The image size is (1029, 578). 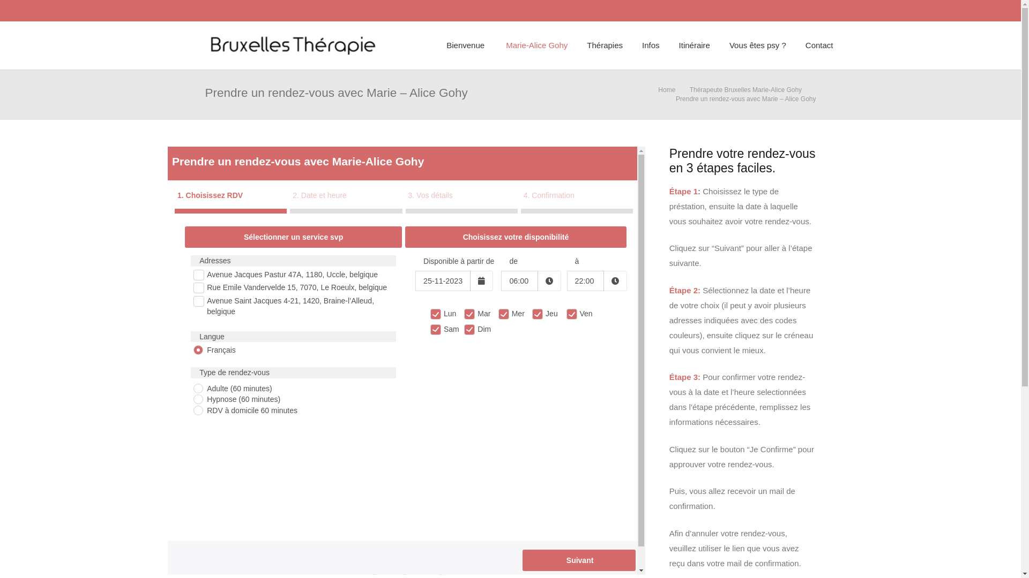 I want to click on 'Infos', so click(x=650, y=44).